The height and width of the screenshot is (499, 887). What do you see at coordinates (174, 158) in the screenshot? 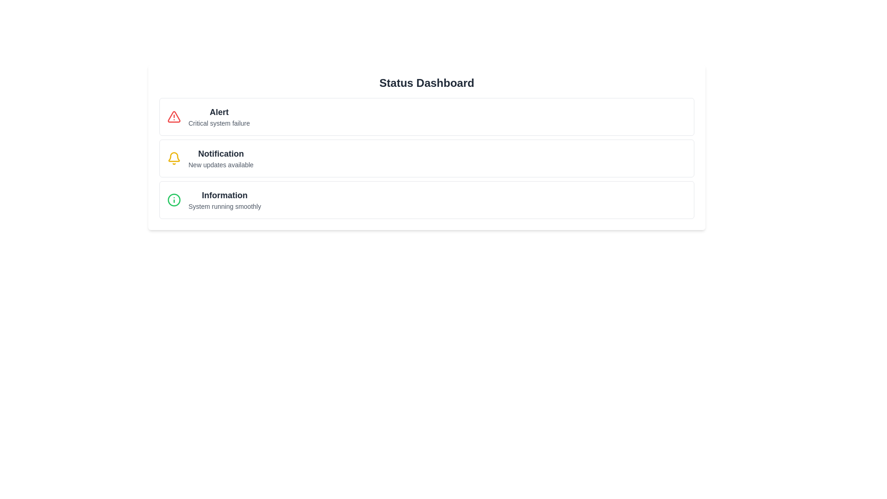
I see `the notification icon located at the top-left corner of the notification section, which indicates the presence of updates` at bounding box center [174, 158].